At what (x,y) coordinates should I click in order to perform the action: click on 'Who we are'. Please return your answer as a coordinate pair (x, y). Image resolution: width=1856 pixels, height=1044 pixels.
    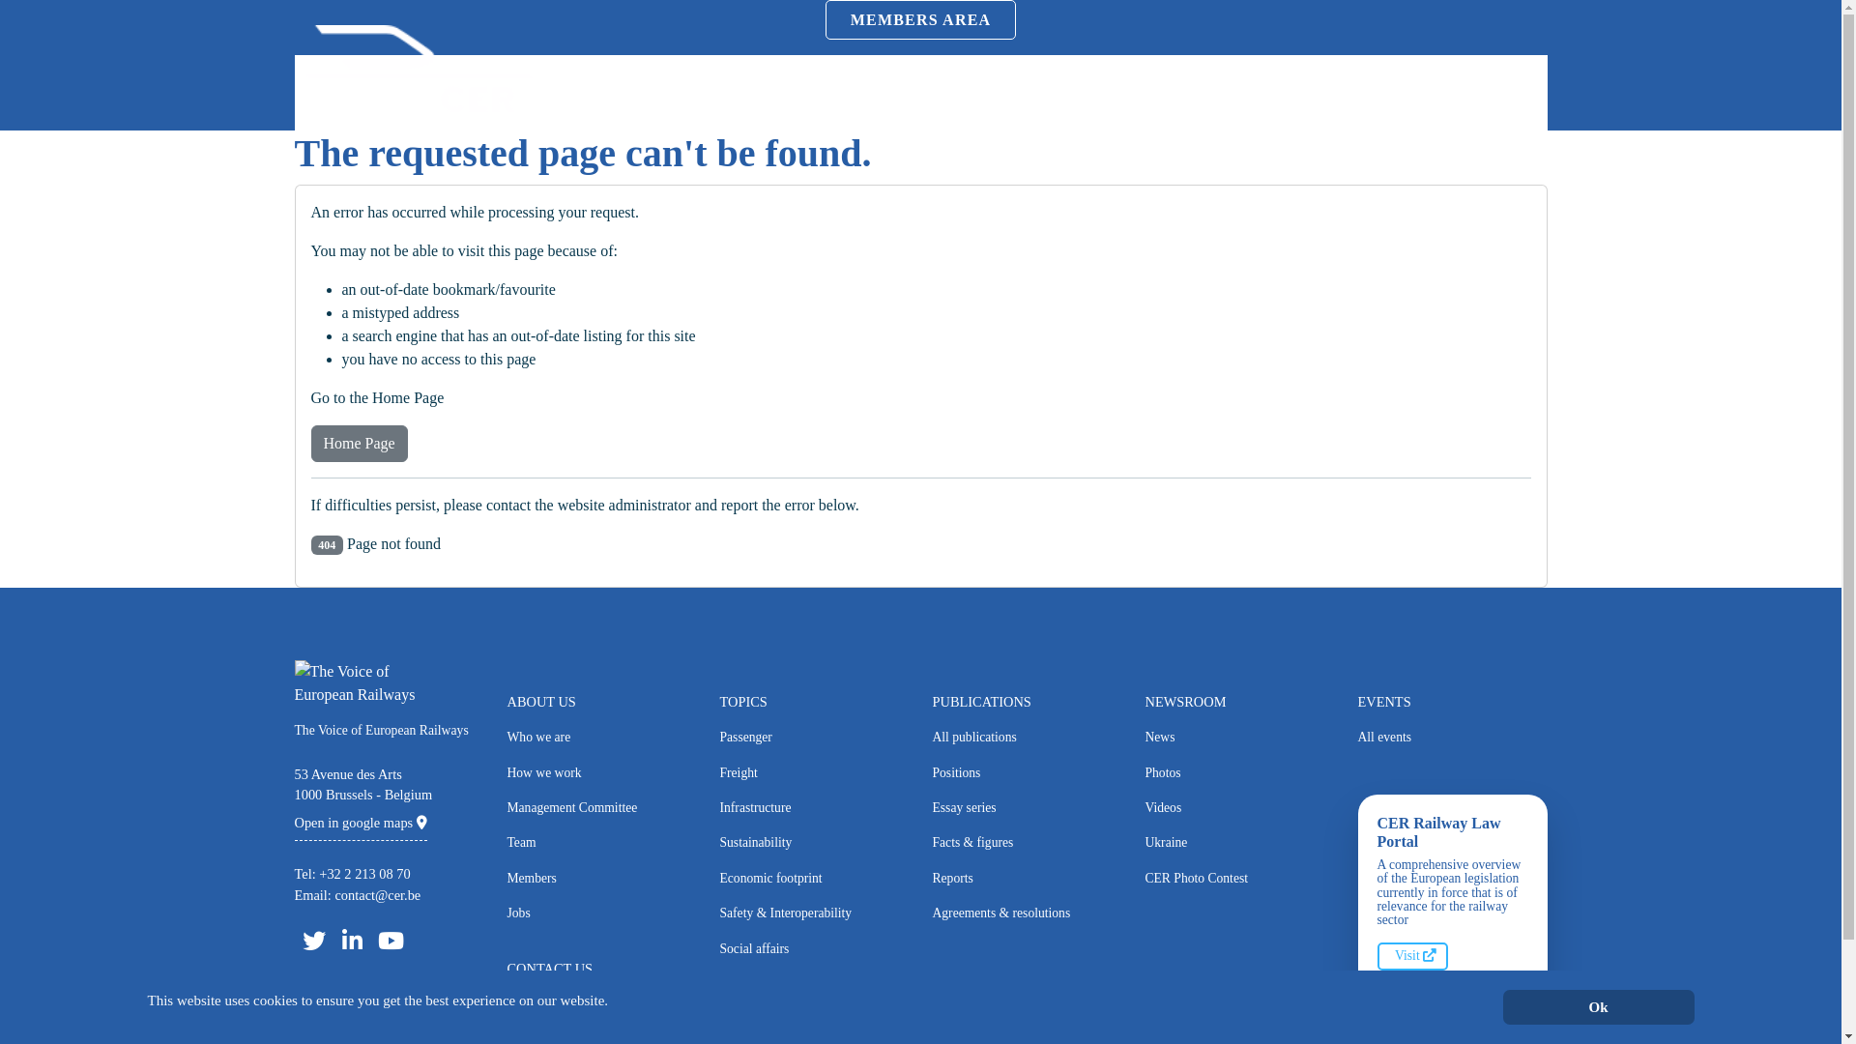
    Looking at the image, I should click on (600, 738).